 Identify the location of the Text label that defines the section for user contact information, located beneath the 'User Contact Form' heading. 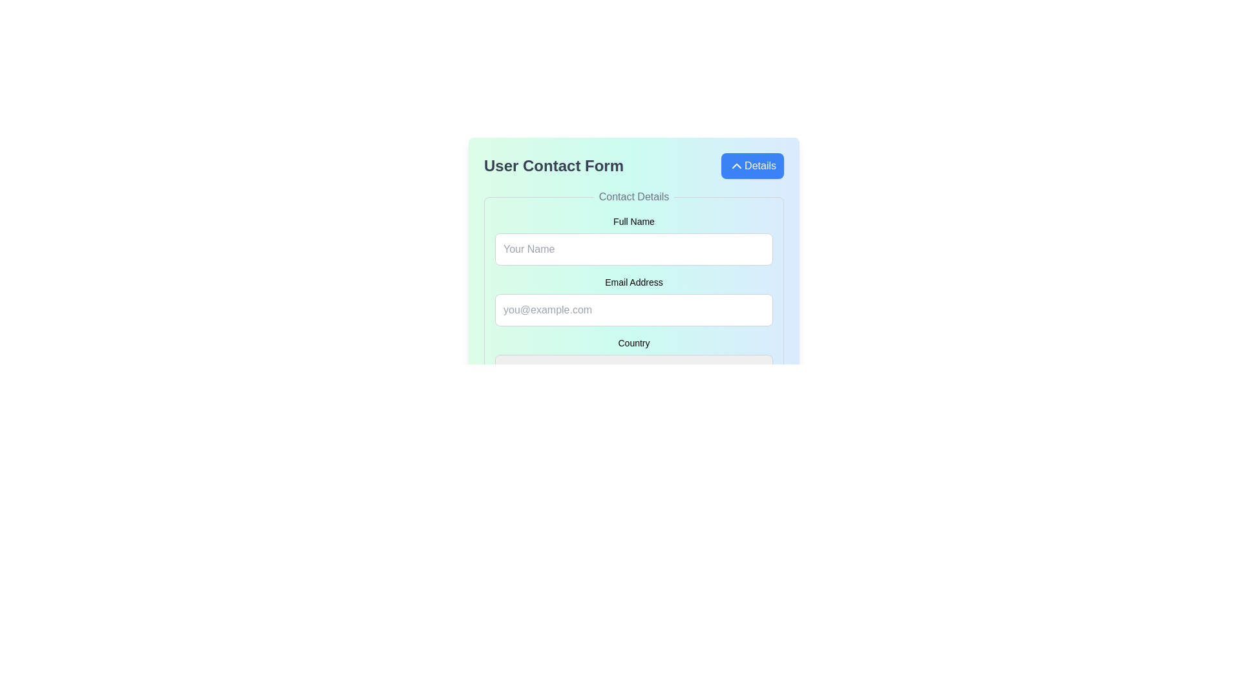
(633, 196).